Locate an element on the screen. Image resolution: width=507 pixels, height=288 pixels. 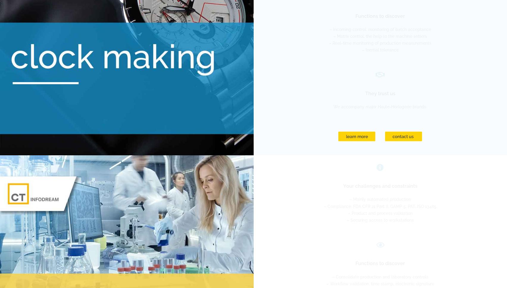
'– Workflow validation, time stamp, electronic signature' is located at coordinates (380, 283).